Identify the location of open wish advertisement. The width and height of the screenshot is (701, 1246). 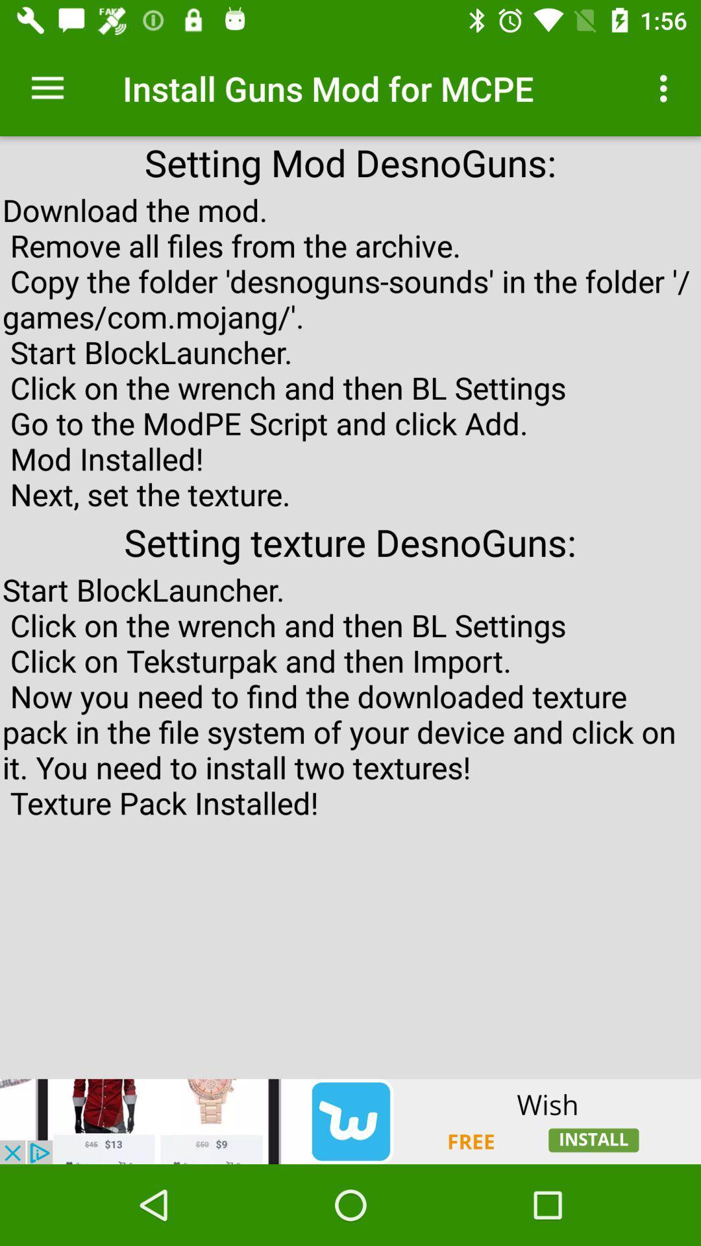
(350, 1121).